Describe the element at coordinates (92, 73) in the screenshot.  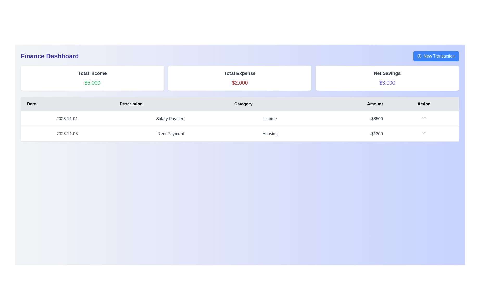
I see `the 'Total Income' text label, which is a bold, dark gray text located at the top-left section of the interface within a white card` at that location.